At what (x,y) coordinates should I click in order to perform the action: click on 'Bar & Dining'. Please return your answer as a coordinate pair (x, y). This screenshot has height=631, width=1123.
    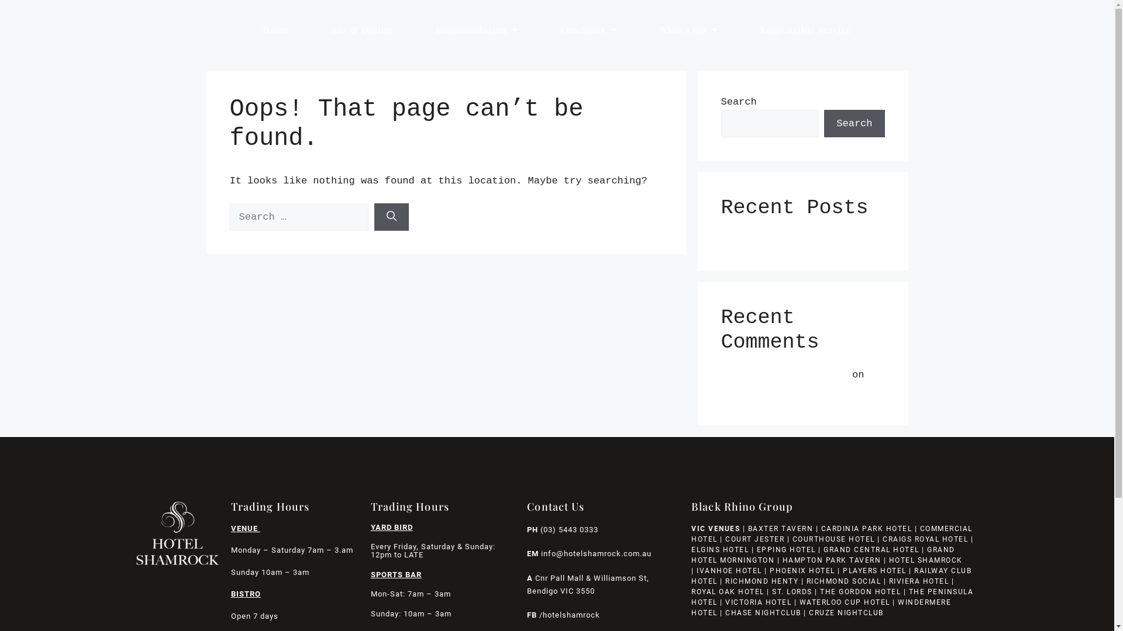
    Looking at the image, I should click on (361, 29).